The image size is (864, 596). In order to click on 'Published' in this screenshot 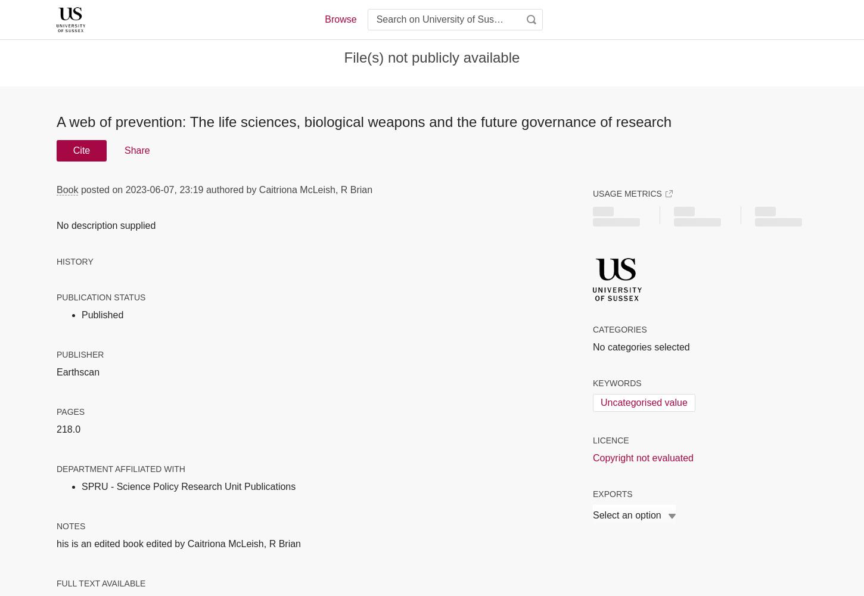, I will do `click(81, 314)`.